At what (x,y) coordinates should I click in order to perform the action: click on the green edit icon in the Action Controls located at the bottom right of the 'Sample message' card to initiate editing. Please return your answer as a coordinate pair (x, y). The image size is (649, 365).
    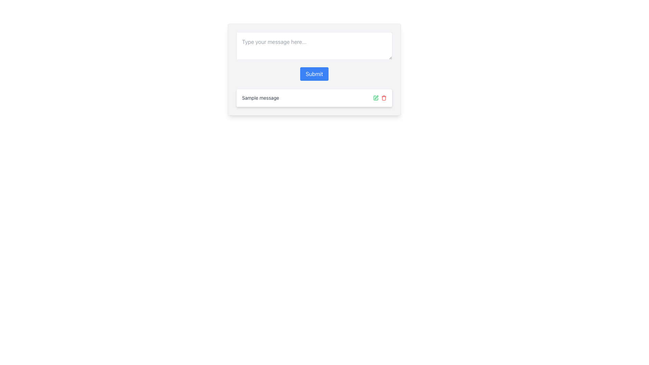
    Looking at the image, I should click on (380, 98).